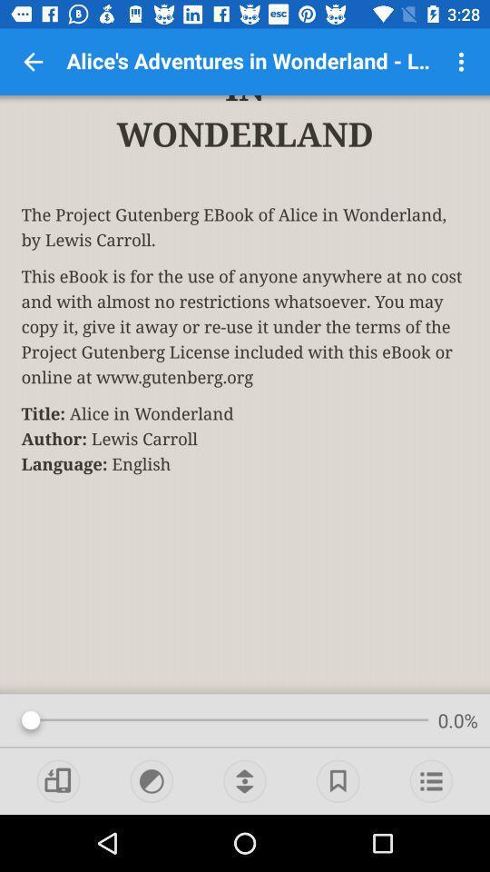 The image size is (490, 872). Describe the element at coordinates (33, 62) in the screenshot. I see `the arrow_backward icon` at that location.